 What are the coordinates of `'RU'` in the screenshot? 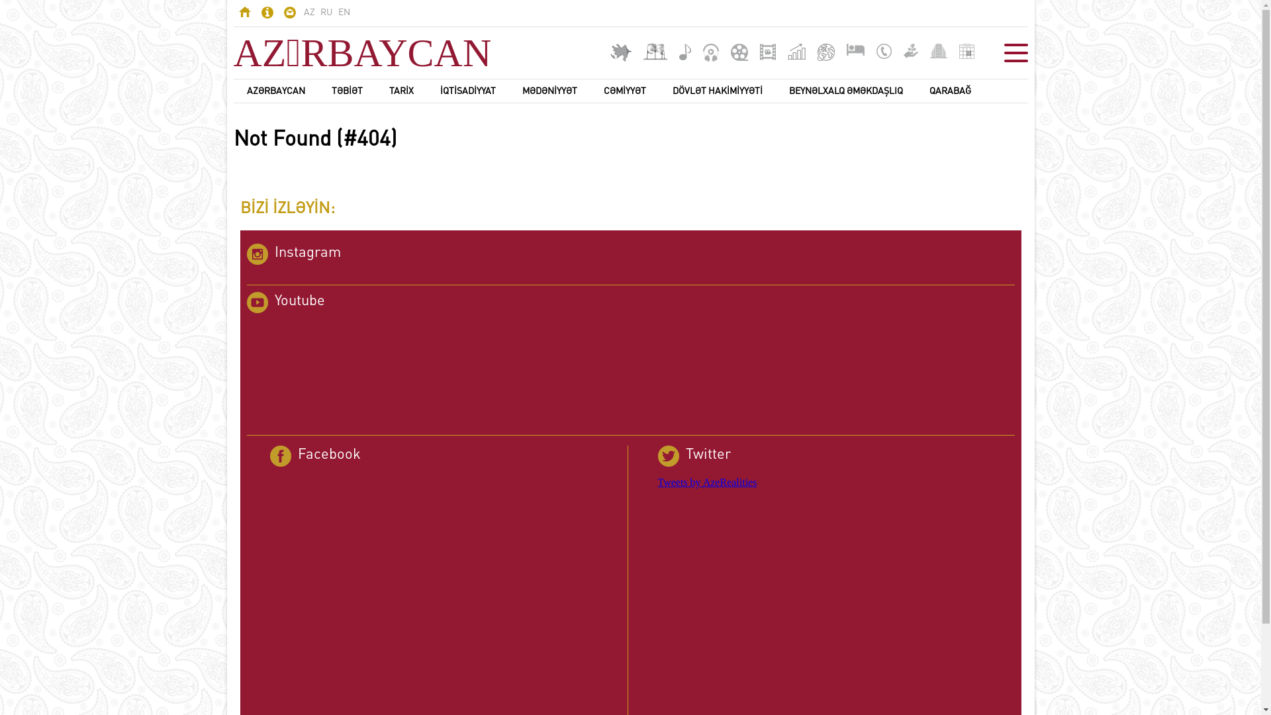 It's located at (326, 13).